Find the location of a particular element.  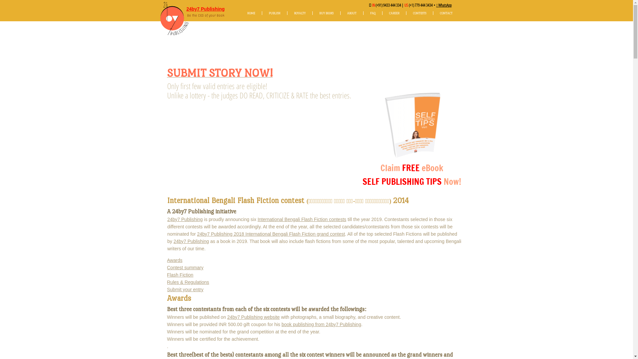

'CONTESTS' is located at coordinates (406, 13).